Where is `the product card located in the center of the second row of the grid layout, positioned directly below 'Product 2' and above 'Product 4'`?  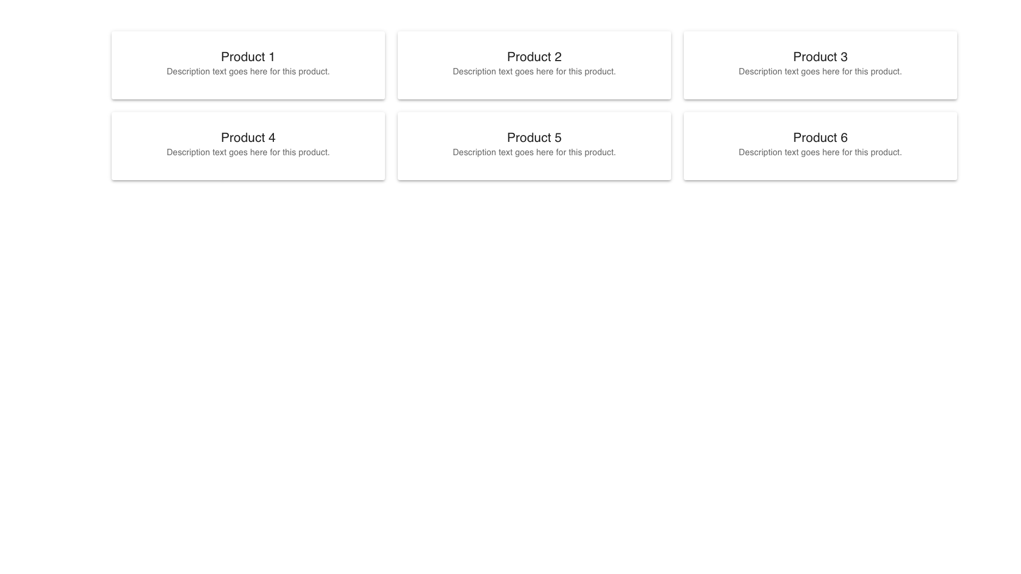
the product card located in the center of the second row of the grid layout, positioned directly below 'Product 2' and above 'Product 4' is located at coordinates (534, 146).